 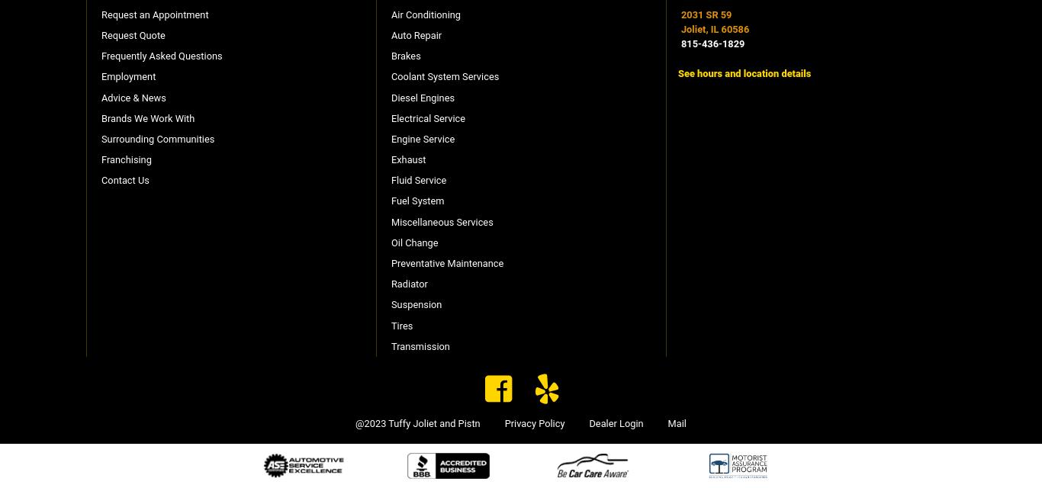 I want to click on 'Brands We Work With', so click(x=101, y=117).